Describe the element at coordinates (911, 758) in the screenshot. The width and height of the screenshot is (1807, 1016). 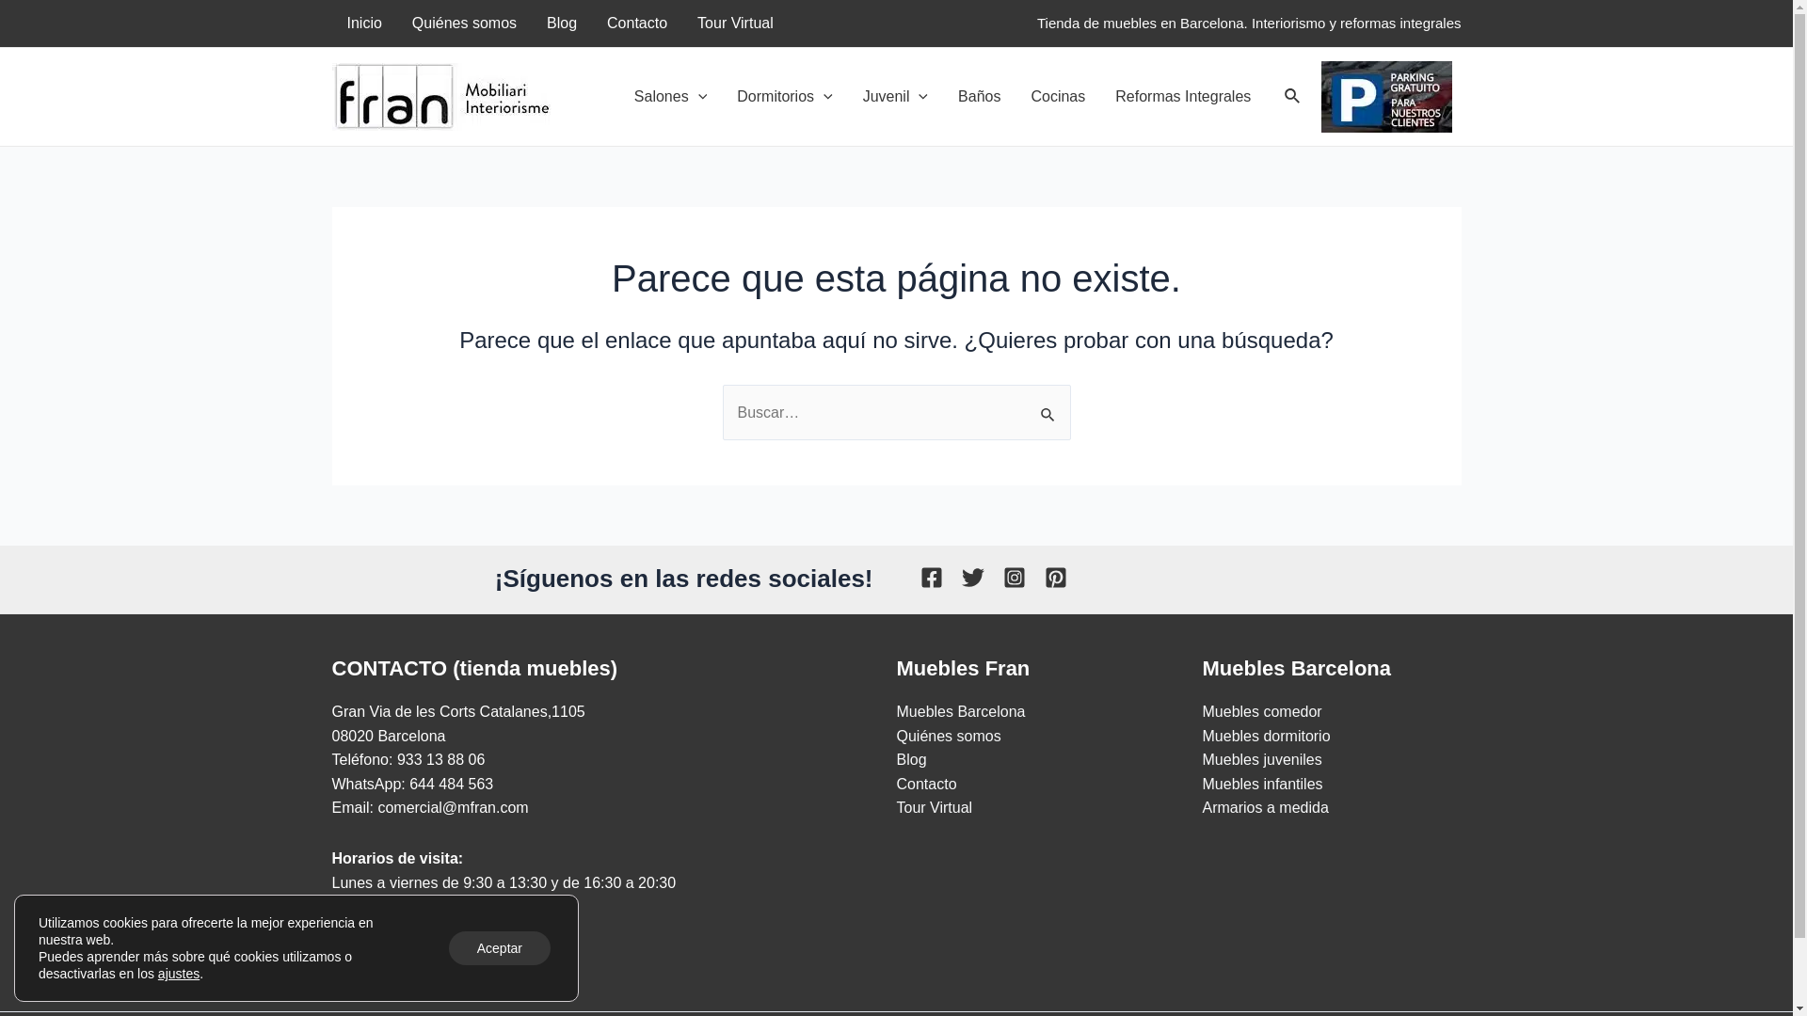
I see `'Blog'` at that location.